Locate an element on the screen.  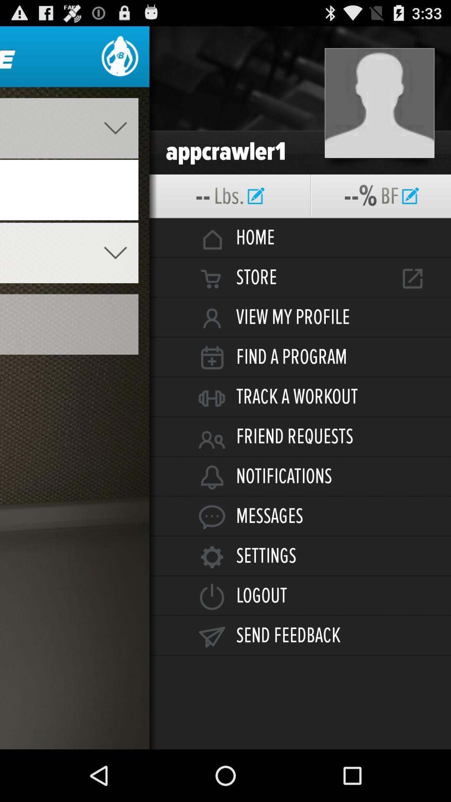
the edit icon is located at coordinates (410, 210).